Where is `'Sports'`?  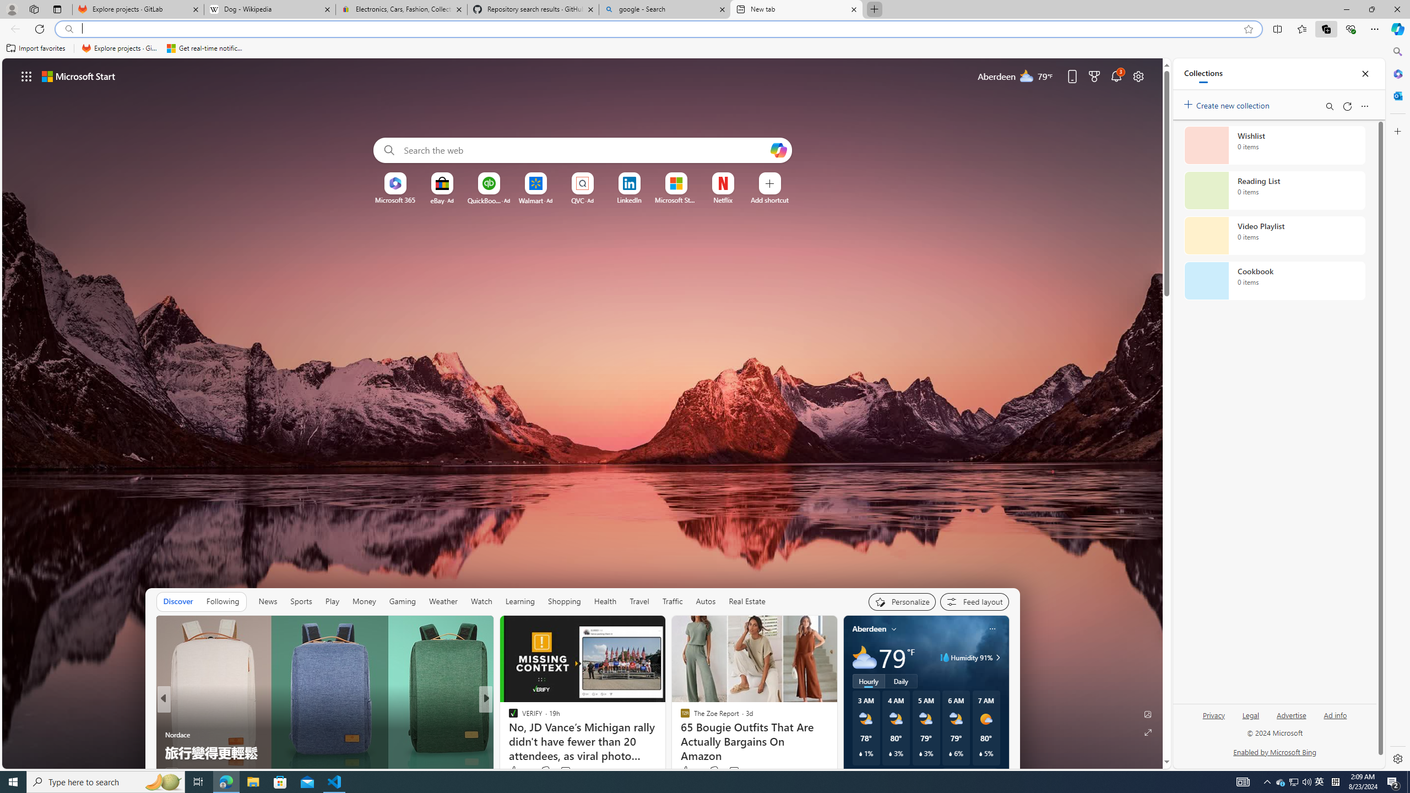
'Sports' is located at coordinates (301, 601).